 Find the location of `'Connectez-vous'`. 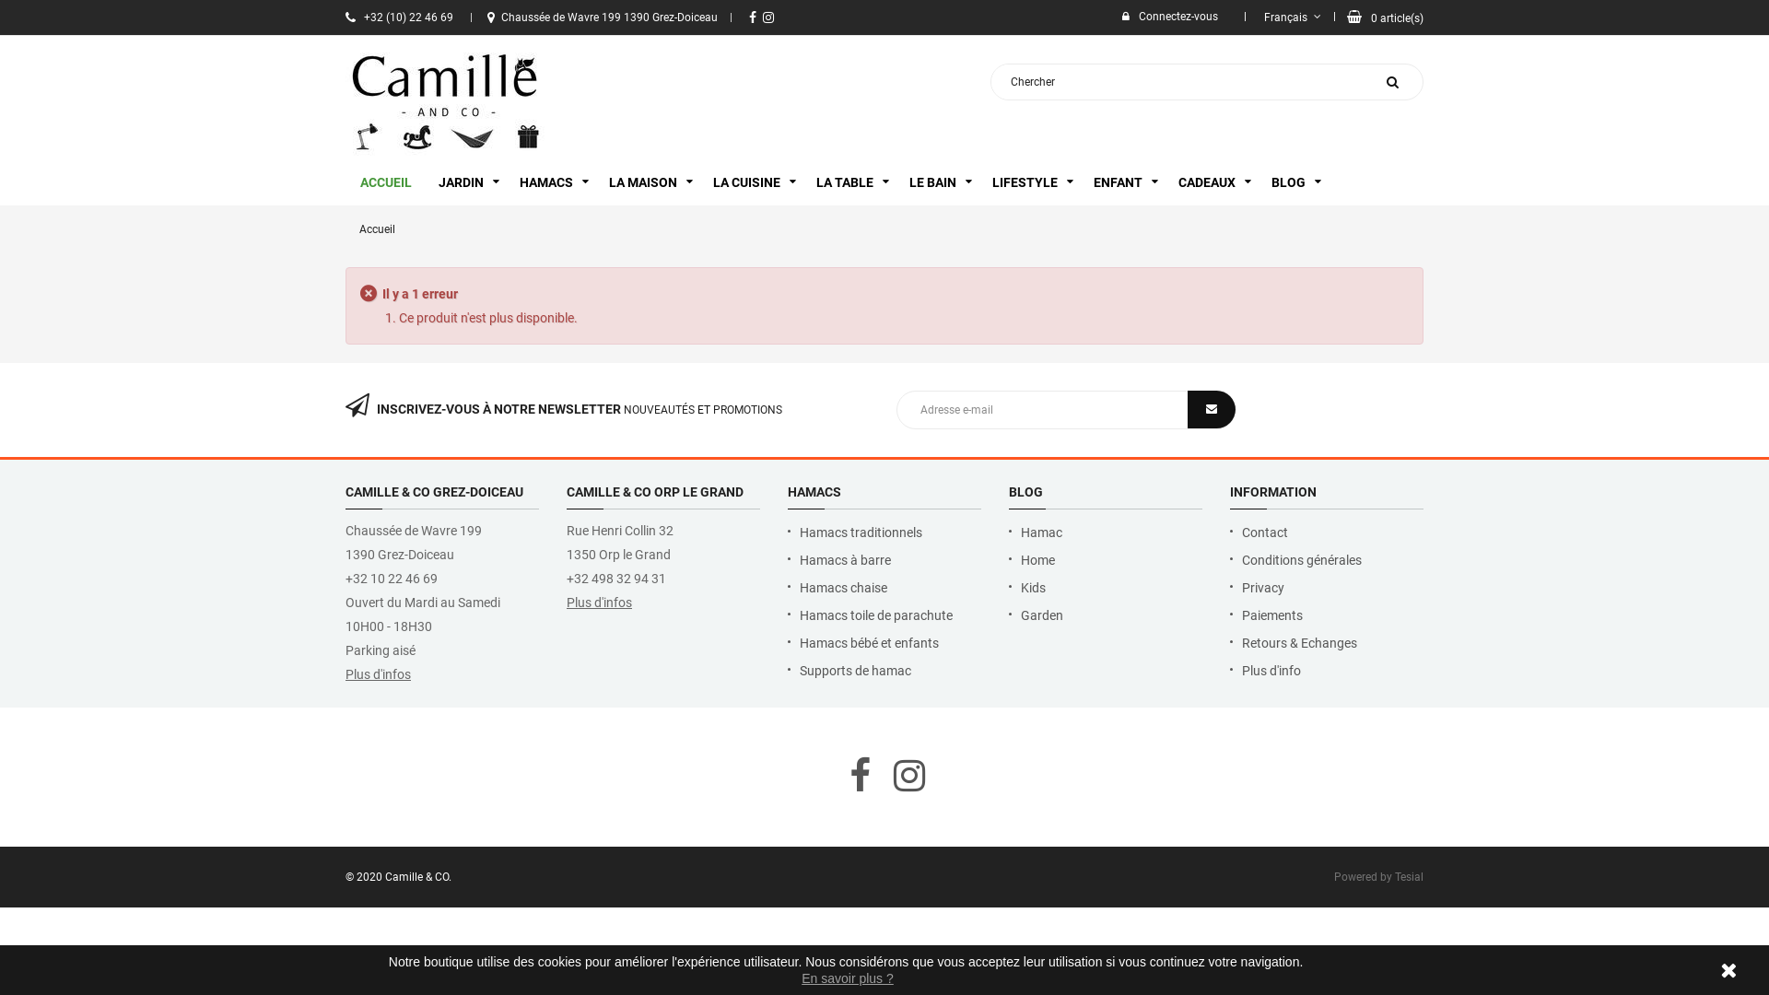

'Connectez-vous' is located at coordinates (1169, 17).